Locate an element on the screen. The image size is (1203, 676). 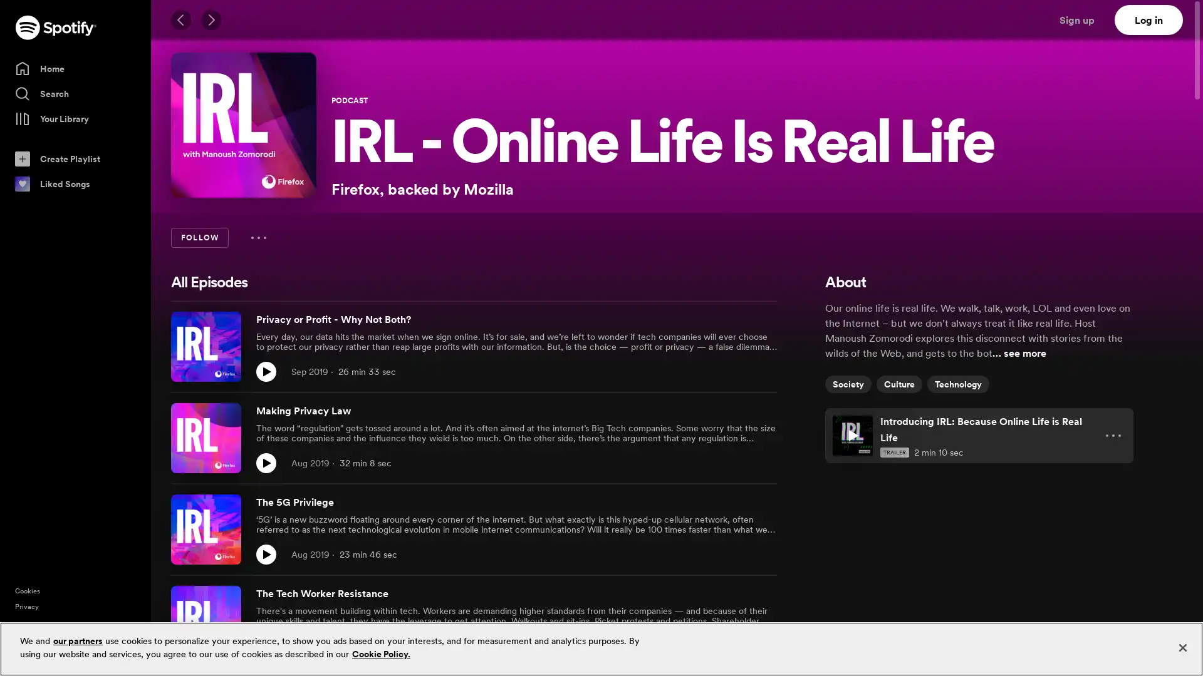
Sign up free is located at coordinates (1140, 656).